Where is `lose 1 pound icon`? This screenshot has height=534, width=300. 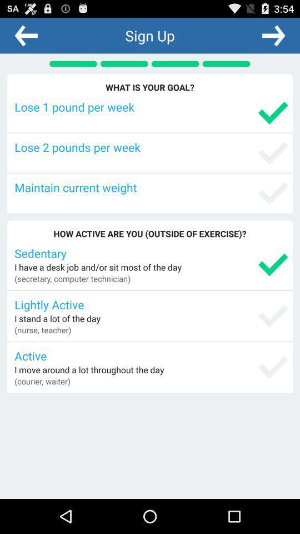
lose 1 pound icon is located at coordinates (151, 107).